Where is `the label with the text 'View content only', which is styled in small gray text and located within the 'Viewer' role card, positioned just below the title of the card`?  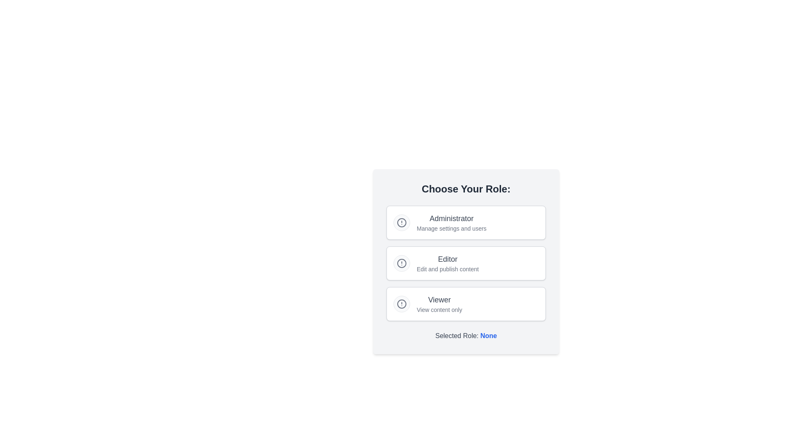
the label with the text 'View content only', which is styled in small gray text and located within the 'Viewer' role card, positioned just below the title of the card is located at coordinates (439, 310).